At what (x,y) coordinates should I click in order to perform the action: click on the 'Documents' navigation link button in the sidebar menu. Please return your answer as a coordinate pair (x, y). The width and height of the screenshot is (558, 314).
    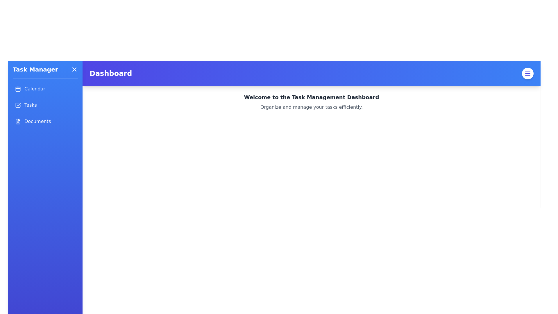
    Looking at the image, I should click on (45, 121).